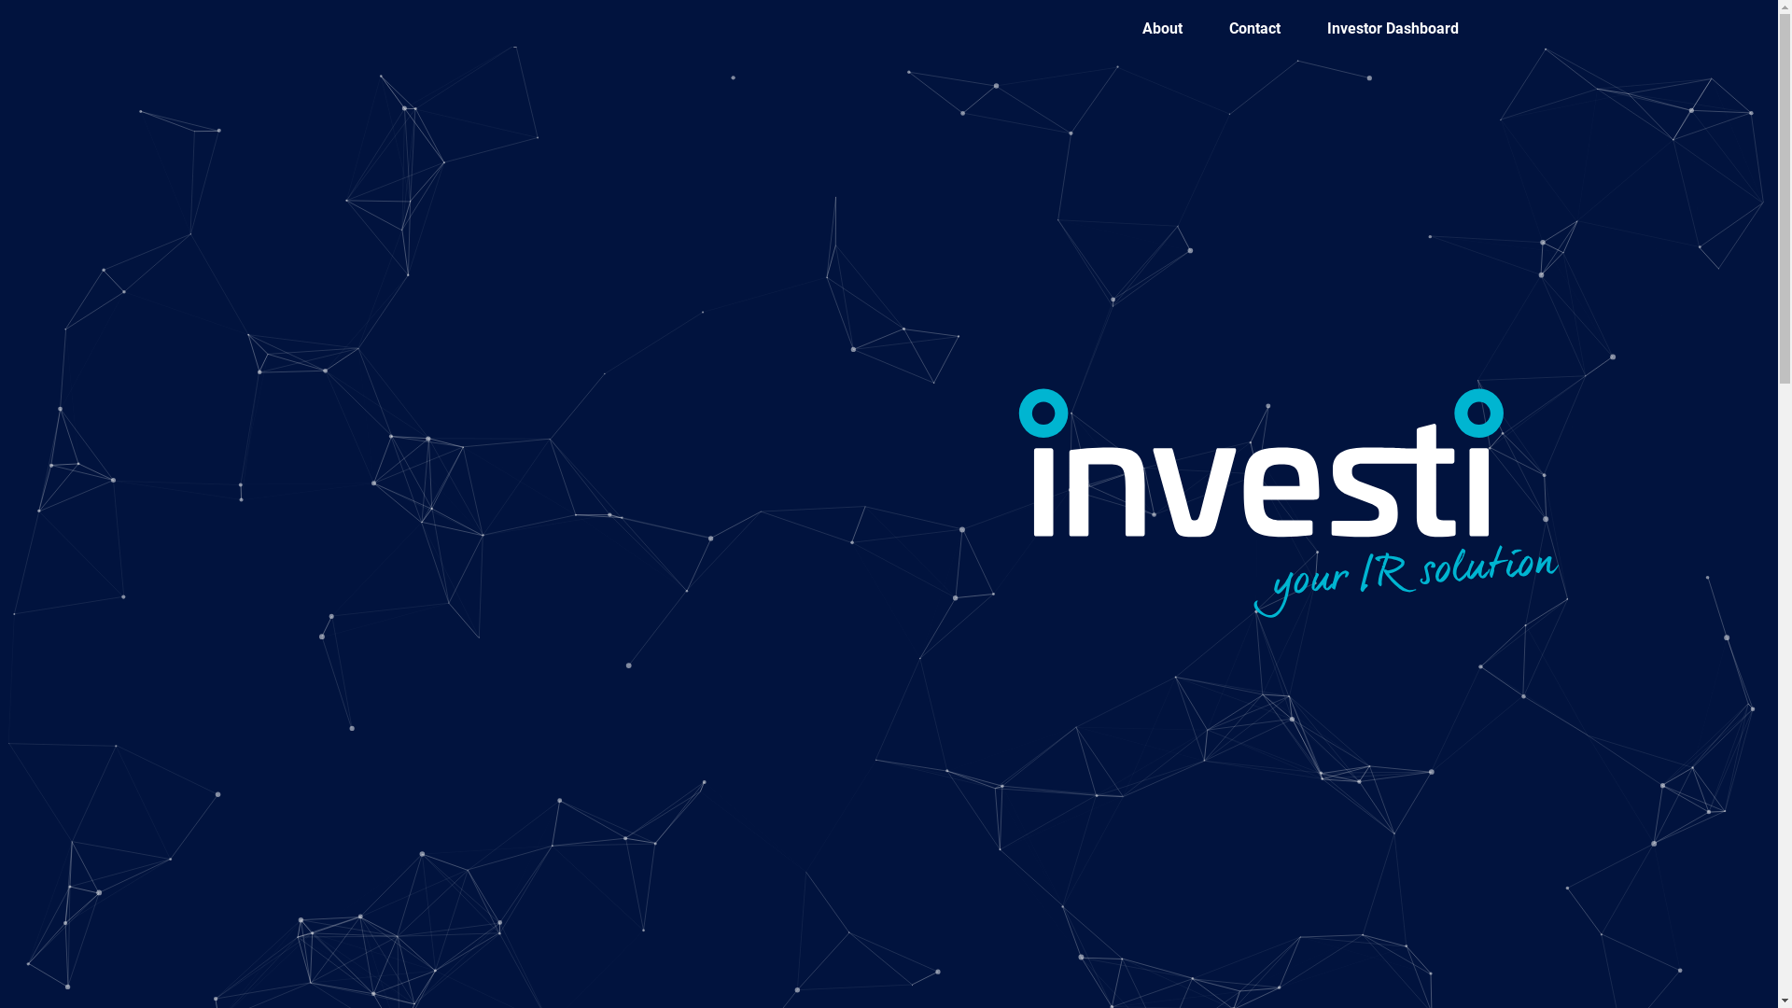 This screenshot has height=1008, width=1792. Describe the element at coordinates (1253, 28) in the screenshot. I see `'Contact'` at that location.